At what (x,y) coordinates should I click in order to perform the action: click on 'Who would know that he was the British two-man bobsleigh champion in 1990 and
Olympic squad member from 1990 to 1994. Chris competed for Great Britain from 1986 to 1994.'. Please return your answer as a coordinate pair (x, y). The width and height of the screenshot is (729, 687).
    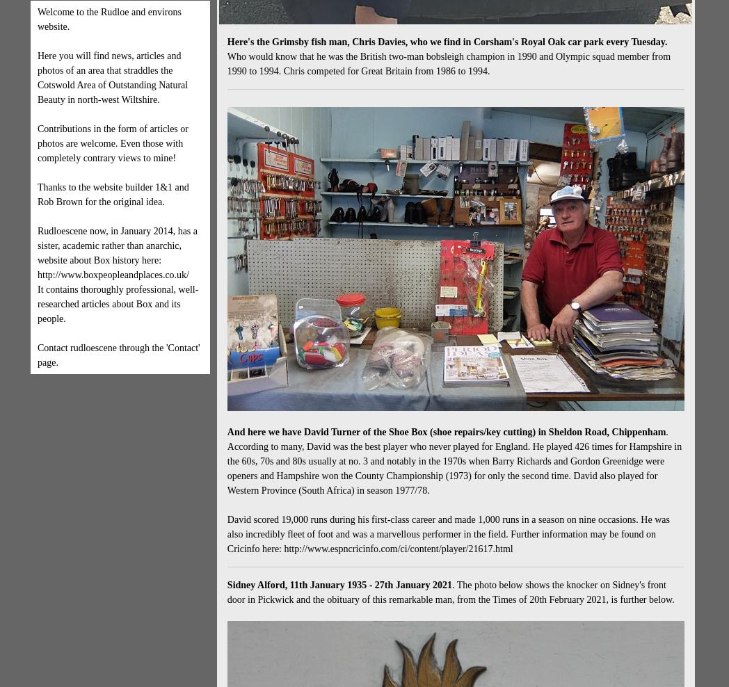
    Looking at the image, I should click on (448, 63).